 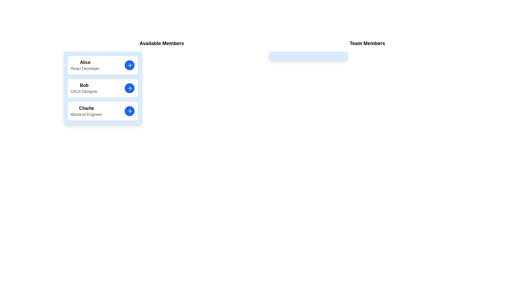 I want to click on arrow button next to Alice to move them to the team, so click(x=129, y=65).